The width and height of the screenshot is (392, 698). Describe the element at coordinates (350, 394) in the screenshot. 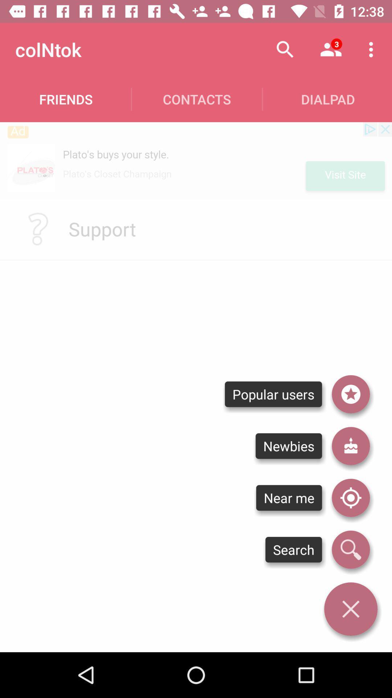

I see `the star icon` at that location.